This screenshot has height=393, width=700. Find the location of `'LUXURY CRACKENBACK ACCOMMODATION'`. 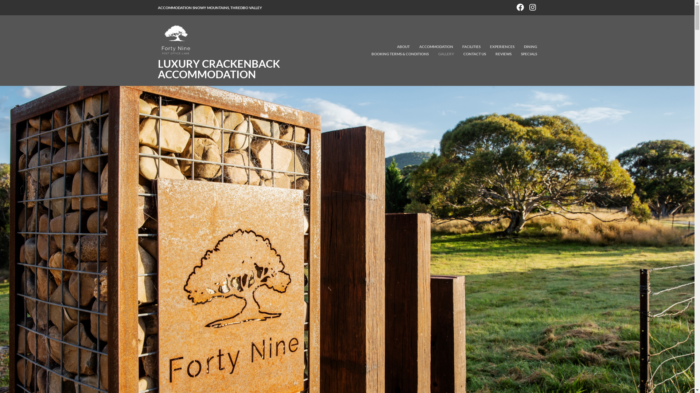

'LUXURY CRACKENBACK ACCOMMODATION' is located at coordinates (218, 69).